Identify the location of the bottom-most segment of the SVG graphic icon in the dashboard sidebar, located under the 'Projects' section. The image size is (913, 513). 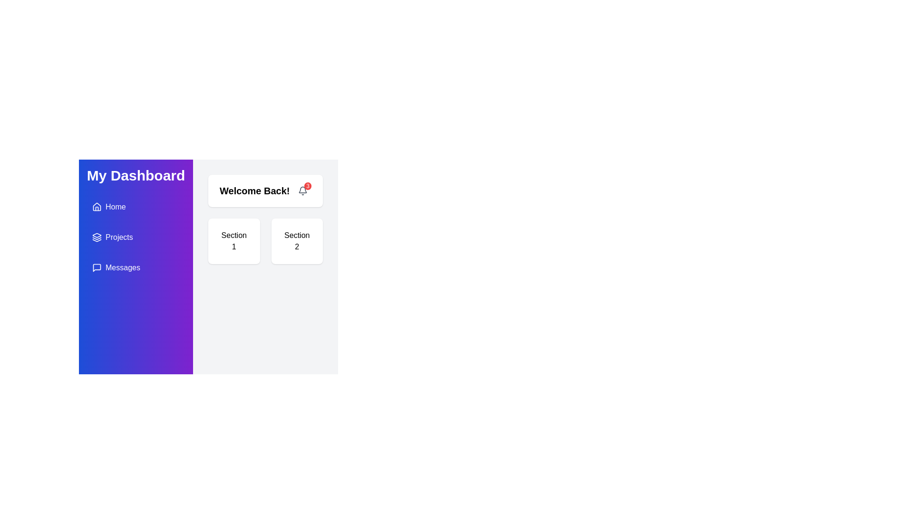
(97, 240).